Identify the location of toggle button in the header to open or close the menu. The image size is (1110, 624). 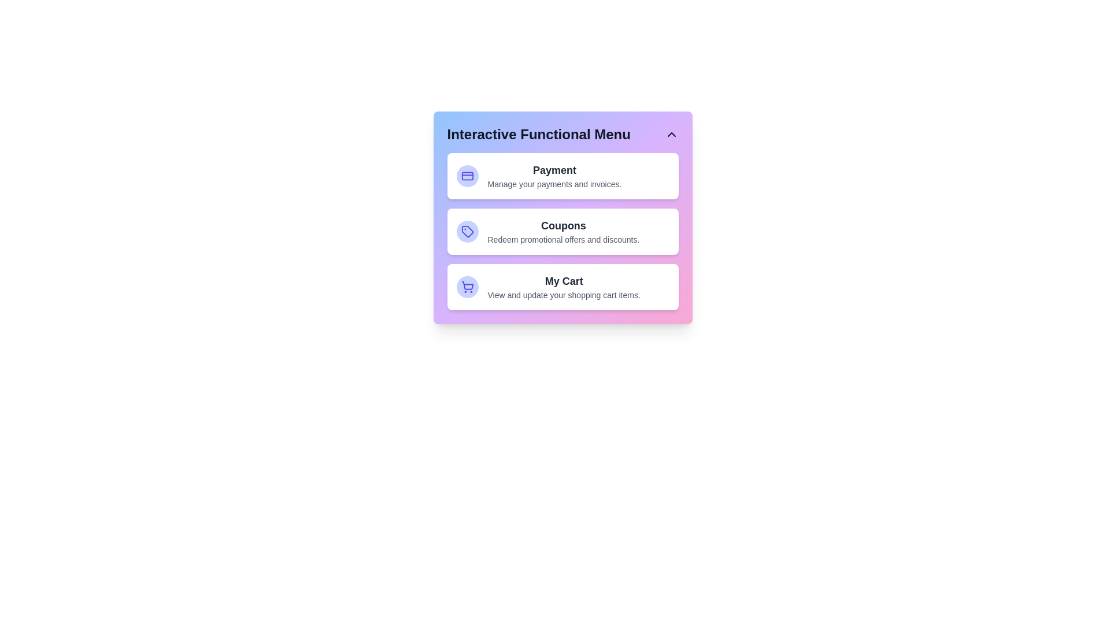
(671, 133).